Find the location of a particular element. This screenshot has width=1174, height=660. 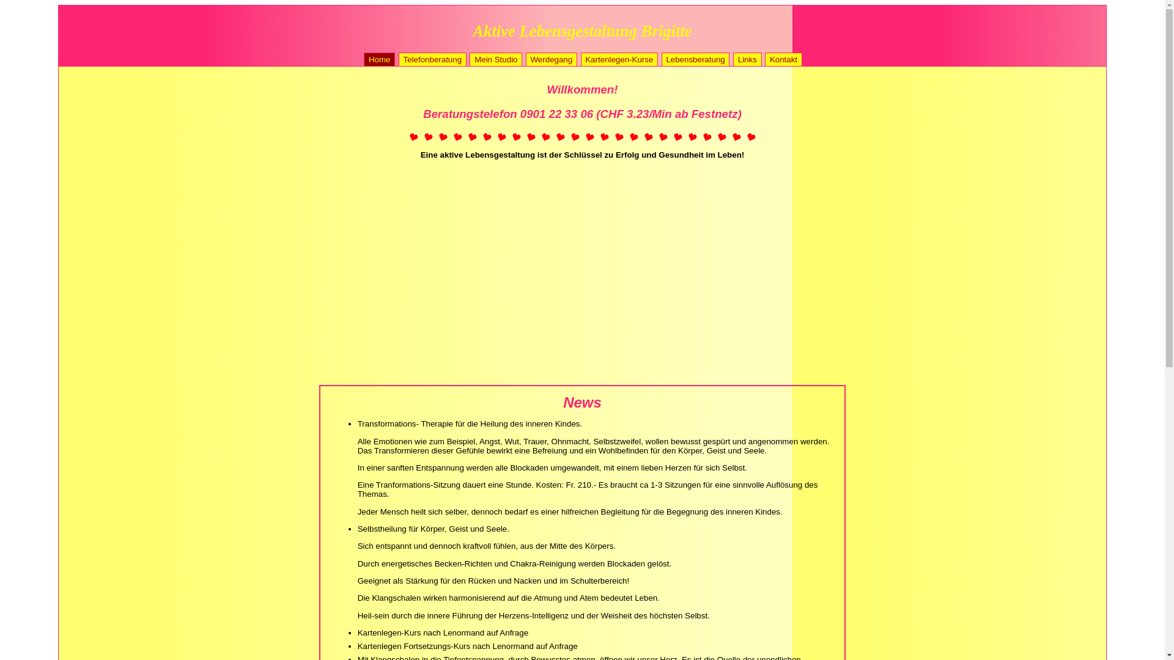

'Mein Studio' is located at coordinates (496, 59).